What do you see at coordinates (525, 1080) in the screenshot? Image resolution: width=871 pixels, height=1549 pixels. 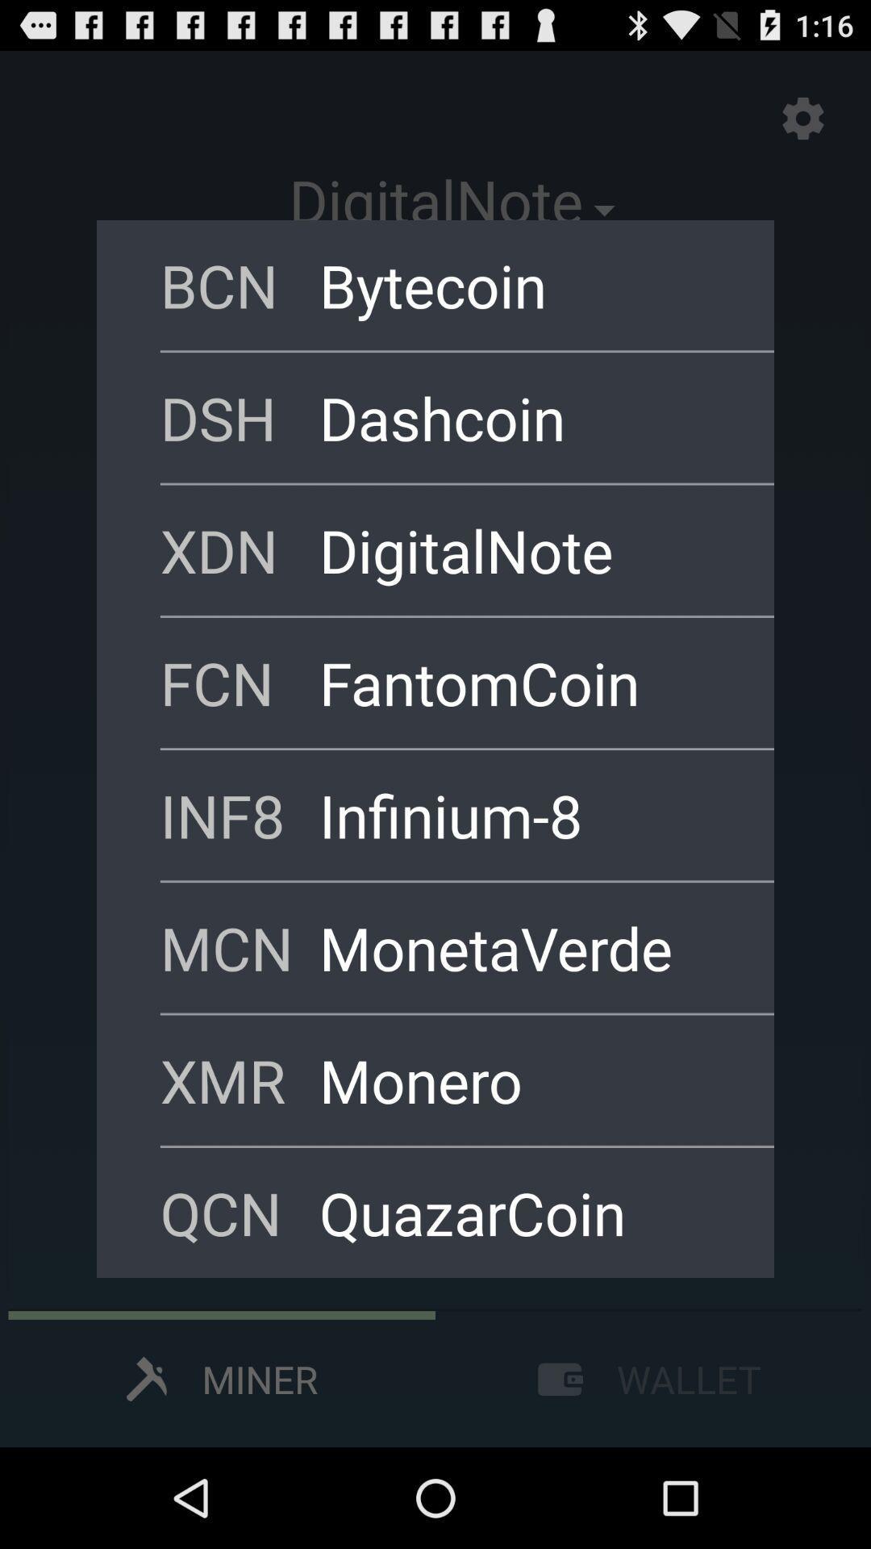 I see `the monero` at bounding box center [525, 1080].